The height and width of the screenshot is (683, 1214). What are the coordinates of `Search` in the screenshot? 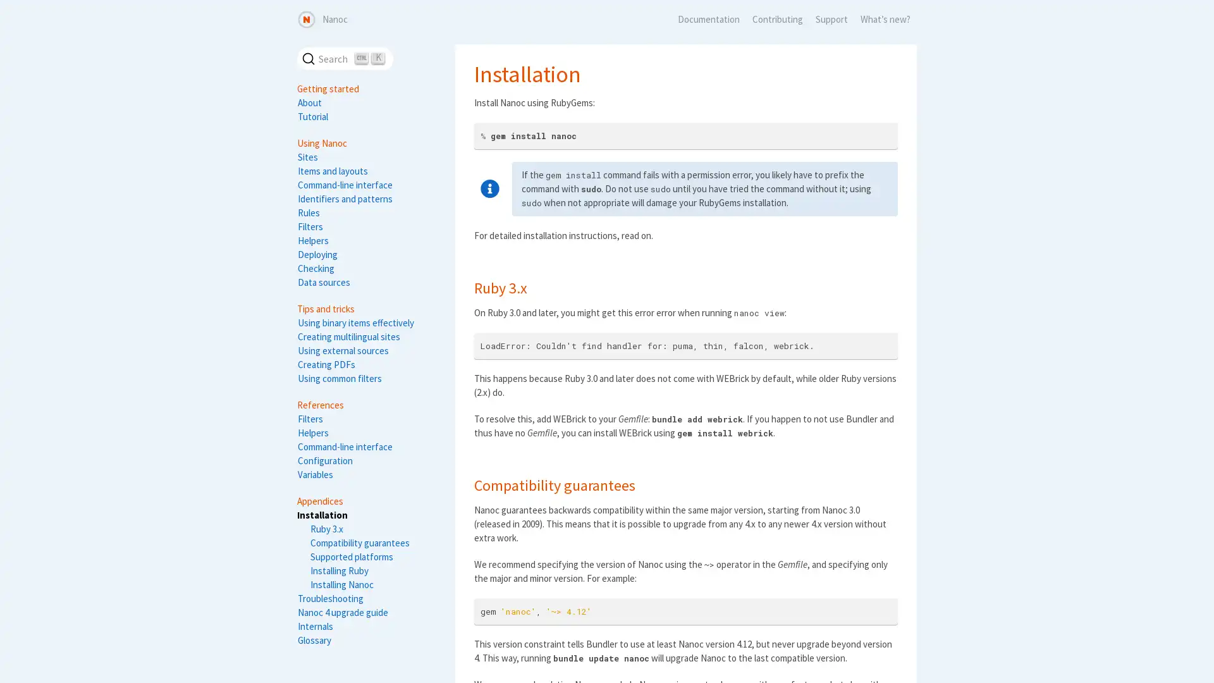 It's located at (345, 58).